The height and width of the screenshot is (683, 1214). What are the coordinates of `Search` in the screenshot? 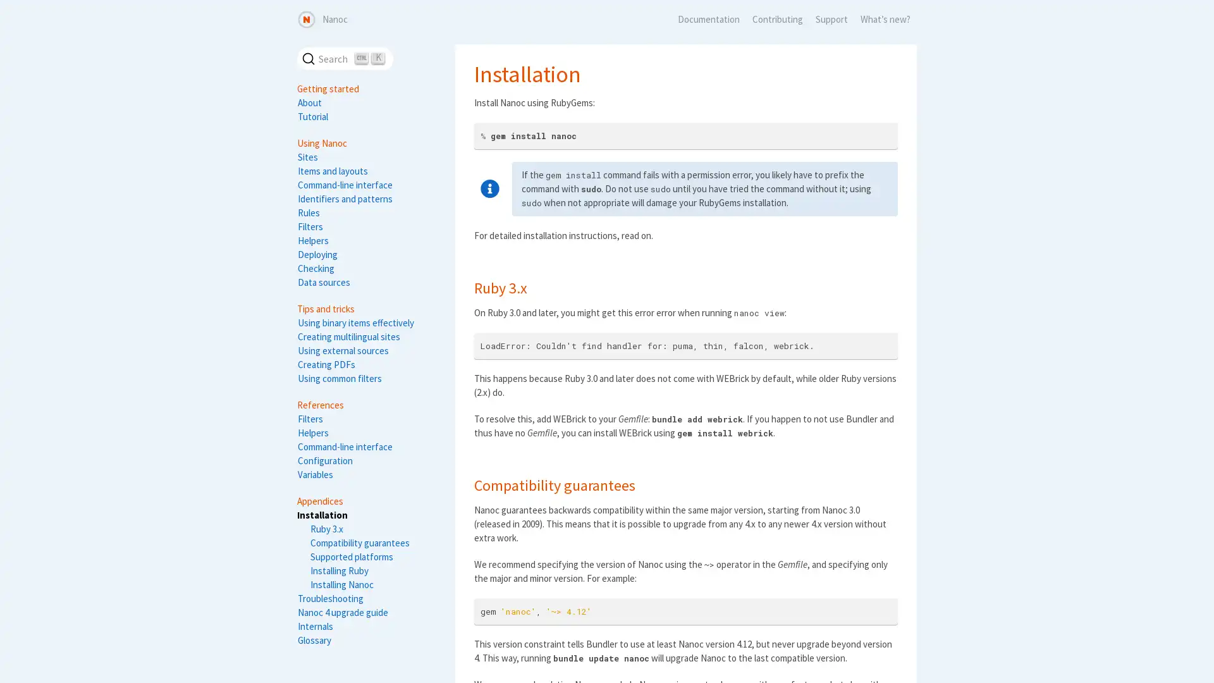 It's located at (345, 58).